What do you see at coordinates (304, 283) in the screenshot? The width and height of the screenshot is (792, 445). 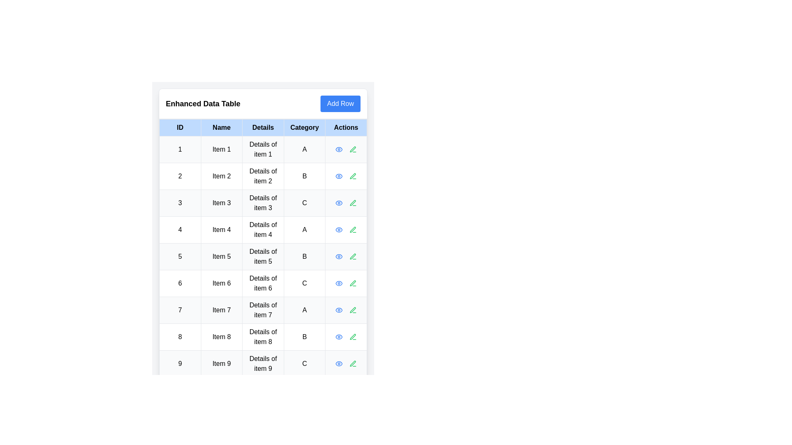 I see `the table cell containing the character 'C' in the sixth row under the 'Category' column, which is styled with a center alignment and enclosed within a bordered rectangular cell` at bounding box center [304, 283].